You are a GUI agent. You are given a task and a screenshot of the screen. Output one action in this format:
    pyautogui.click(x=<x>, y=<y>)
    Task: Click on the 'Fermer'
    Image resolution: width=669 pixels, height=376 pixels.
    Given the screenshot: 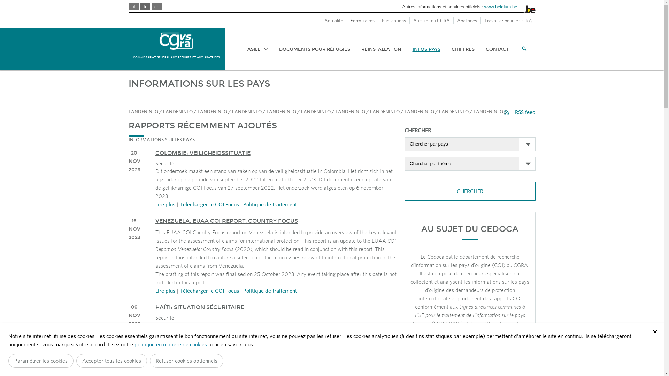 What is the action you would take?
    pyautogui.click(x=655, y=331)
    